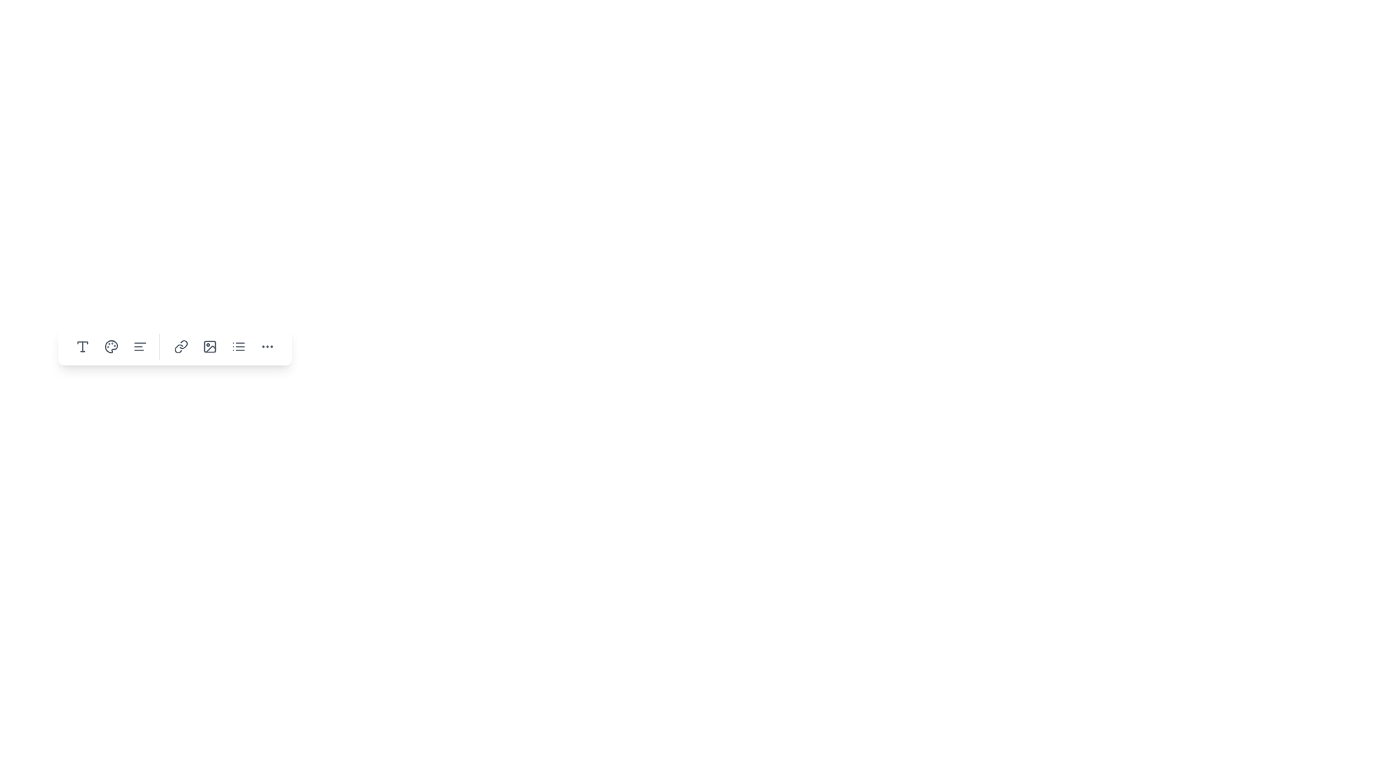 Image resolution: width=1381 pixels, height=777 pixels. Describe the element at coordinates (82, 347) in the screenshot. I see `the button with a typography icon representing a stylized 'T' symbol, located in the top-center horizontal toolbar` at that location.